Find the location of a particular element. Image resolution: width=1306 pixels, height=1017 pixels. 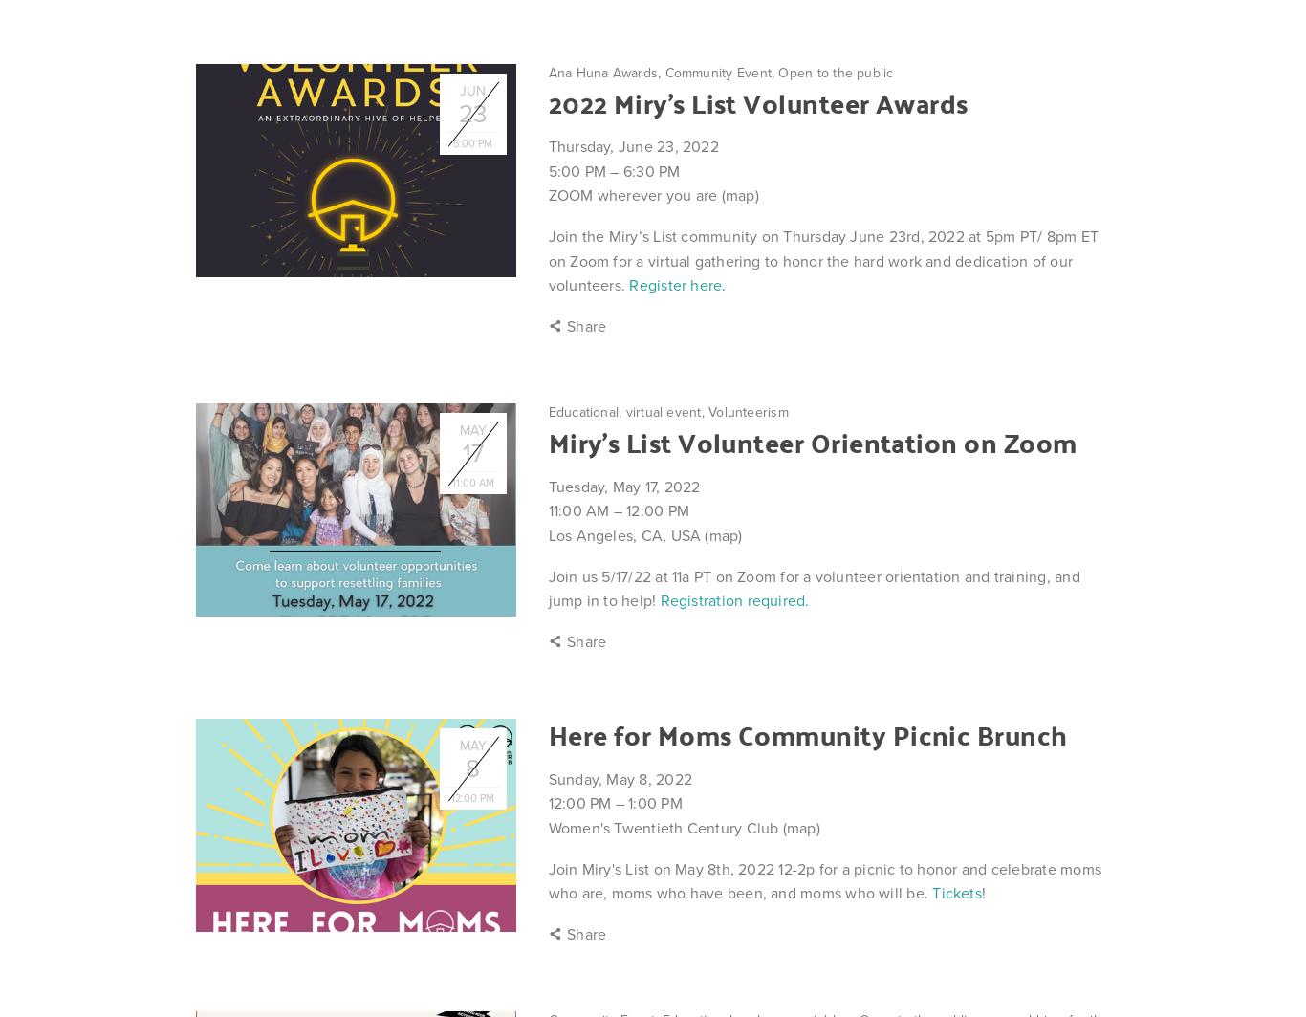

'Los Angeles, CA' is located at coordinates (604, 534).